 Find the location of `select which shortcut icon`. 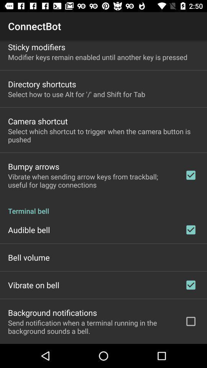

select which shortcut icon is located at coordinates (103, 135).